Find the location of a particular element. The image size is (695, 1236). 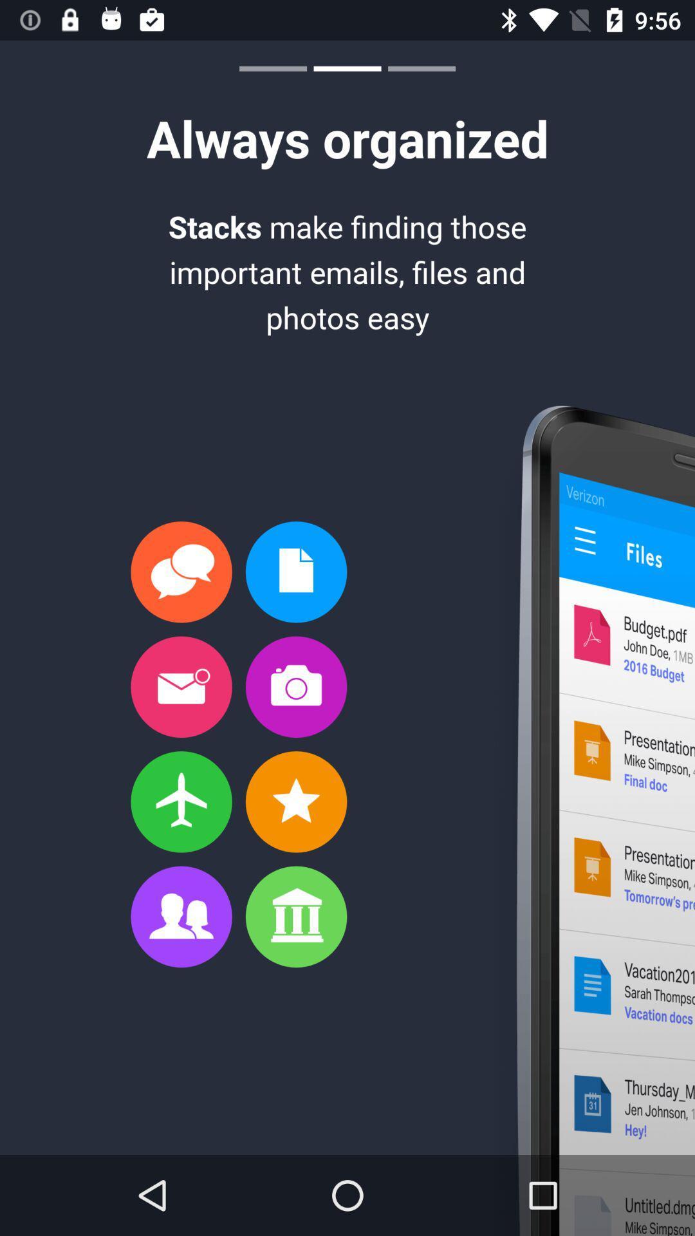

first option is located at coordinates (181, 571).